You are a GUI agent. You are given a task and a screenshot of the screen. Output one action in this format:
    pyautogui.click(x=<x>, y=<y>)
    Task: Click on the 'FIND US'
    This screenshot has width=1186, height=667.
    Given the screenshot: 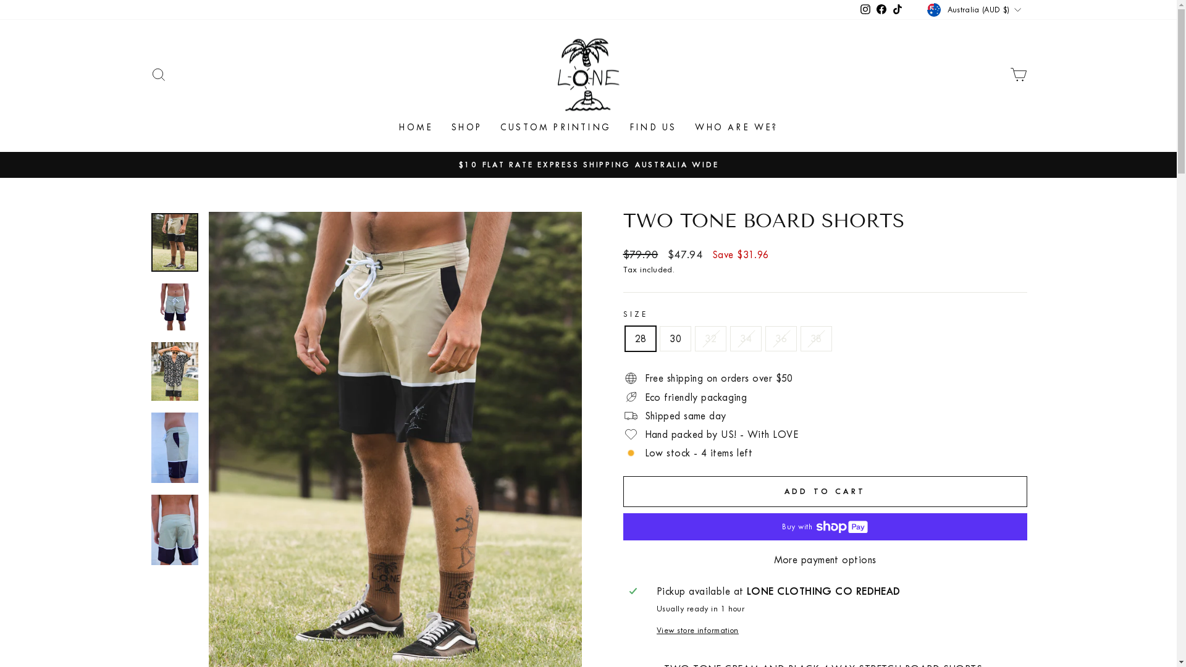 What is the action you would take?
    pyautogui.click(x=652, y=128)
    